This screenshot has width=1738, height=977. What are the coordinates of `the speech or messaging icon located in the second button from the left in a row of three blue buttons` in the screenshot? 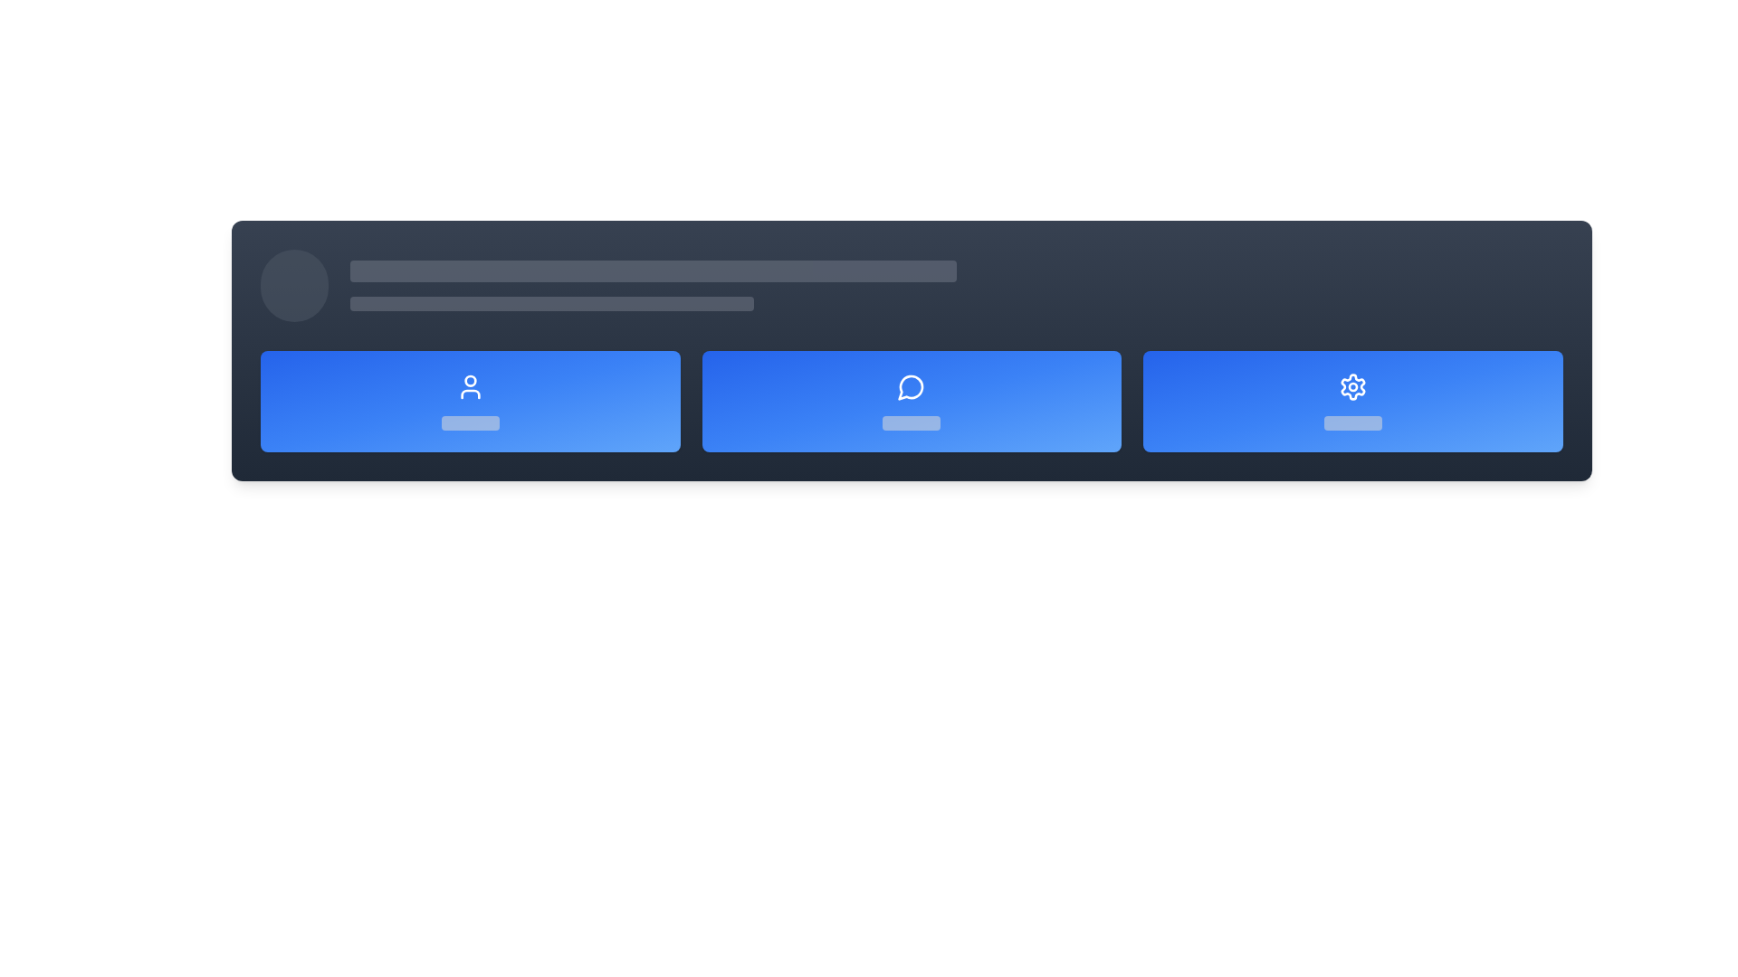 It's located at (911, 386).